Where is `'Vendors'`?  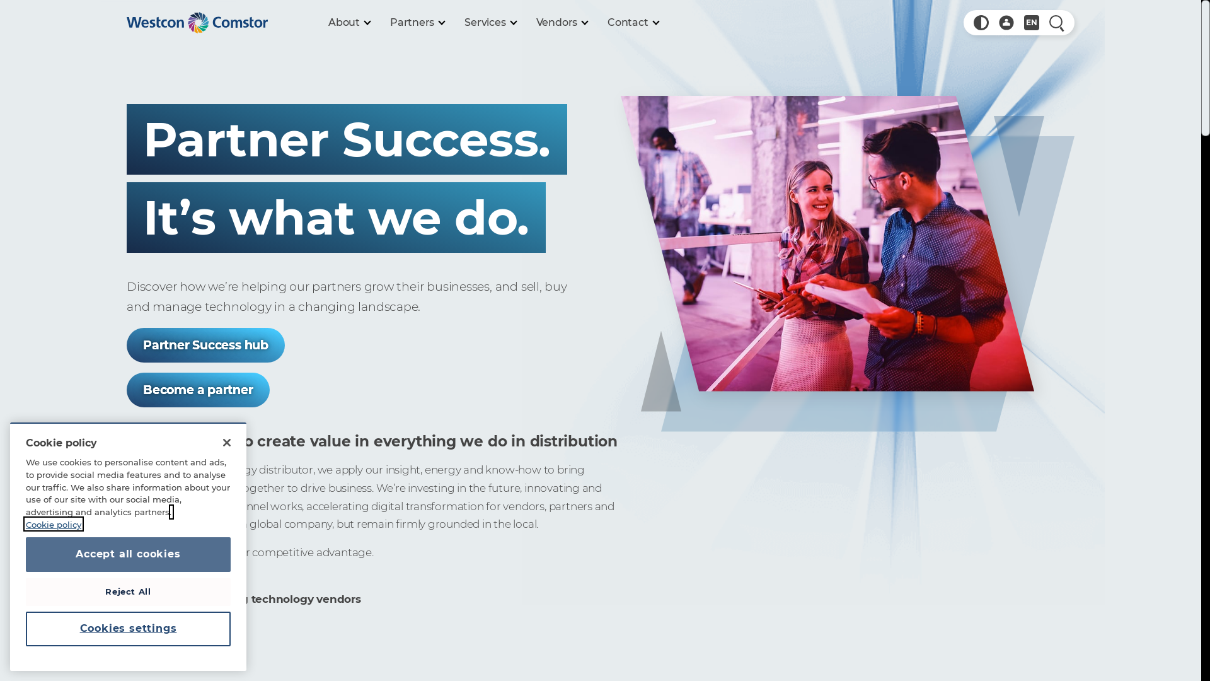 'Vendors' is located at coordinates (562, 22).